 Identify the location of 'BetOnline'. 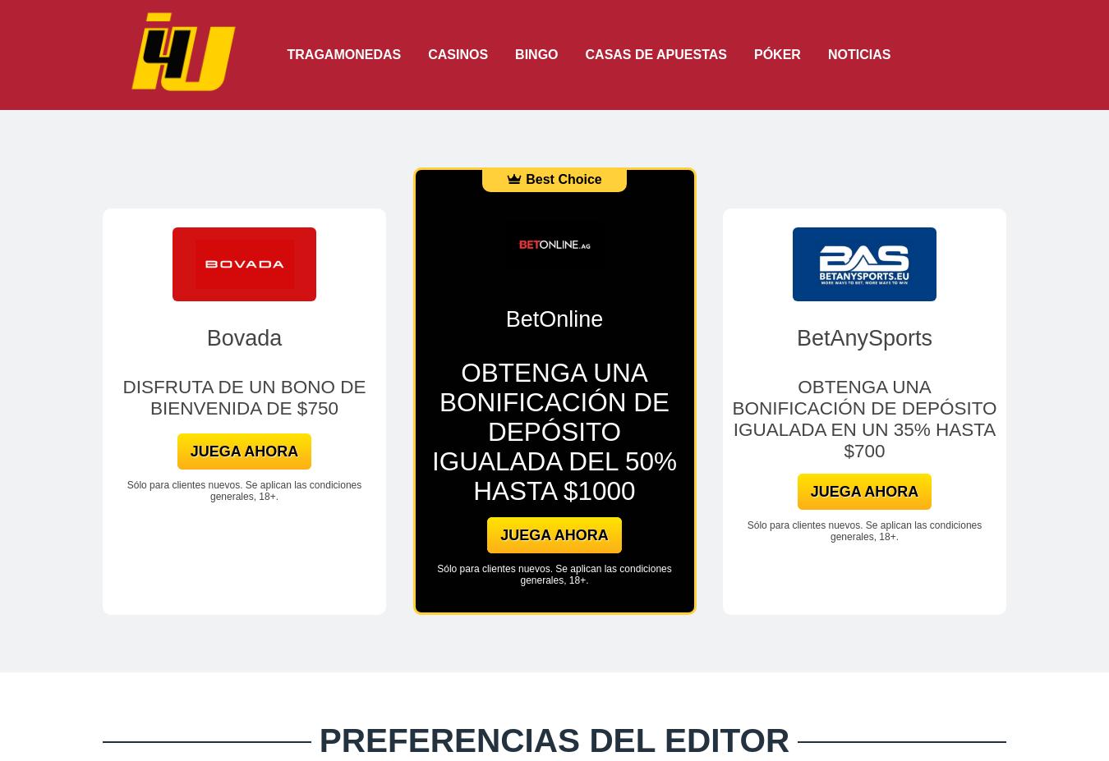
(554, 318).